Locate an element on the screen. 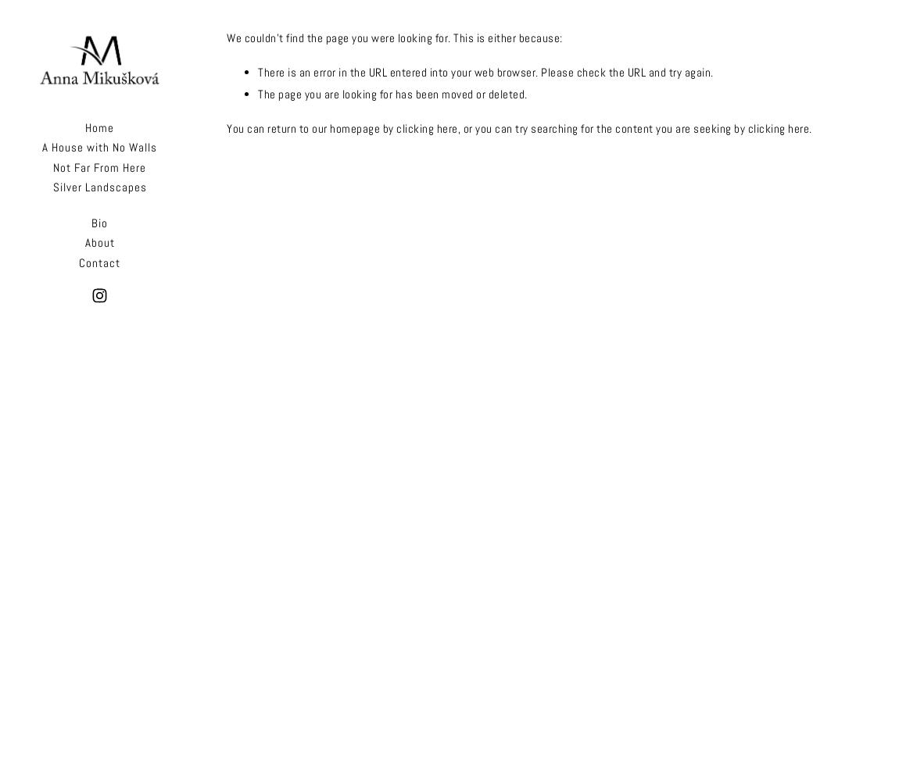 The width and height of the screenshot is (899, 781). 'Contact' is located at coordinates (98, 261).